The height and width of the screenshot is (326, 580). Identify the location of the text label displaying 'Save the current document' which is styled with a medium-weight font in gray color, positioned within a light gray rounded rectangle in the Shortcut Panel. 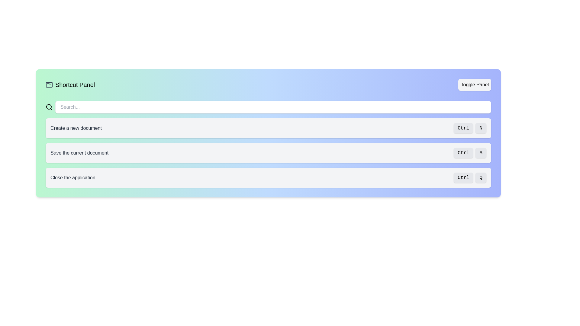
(79, 152).